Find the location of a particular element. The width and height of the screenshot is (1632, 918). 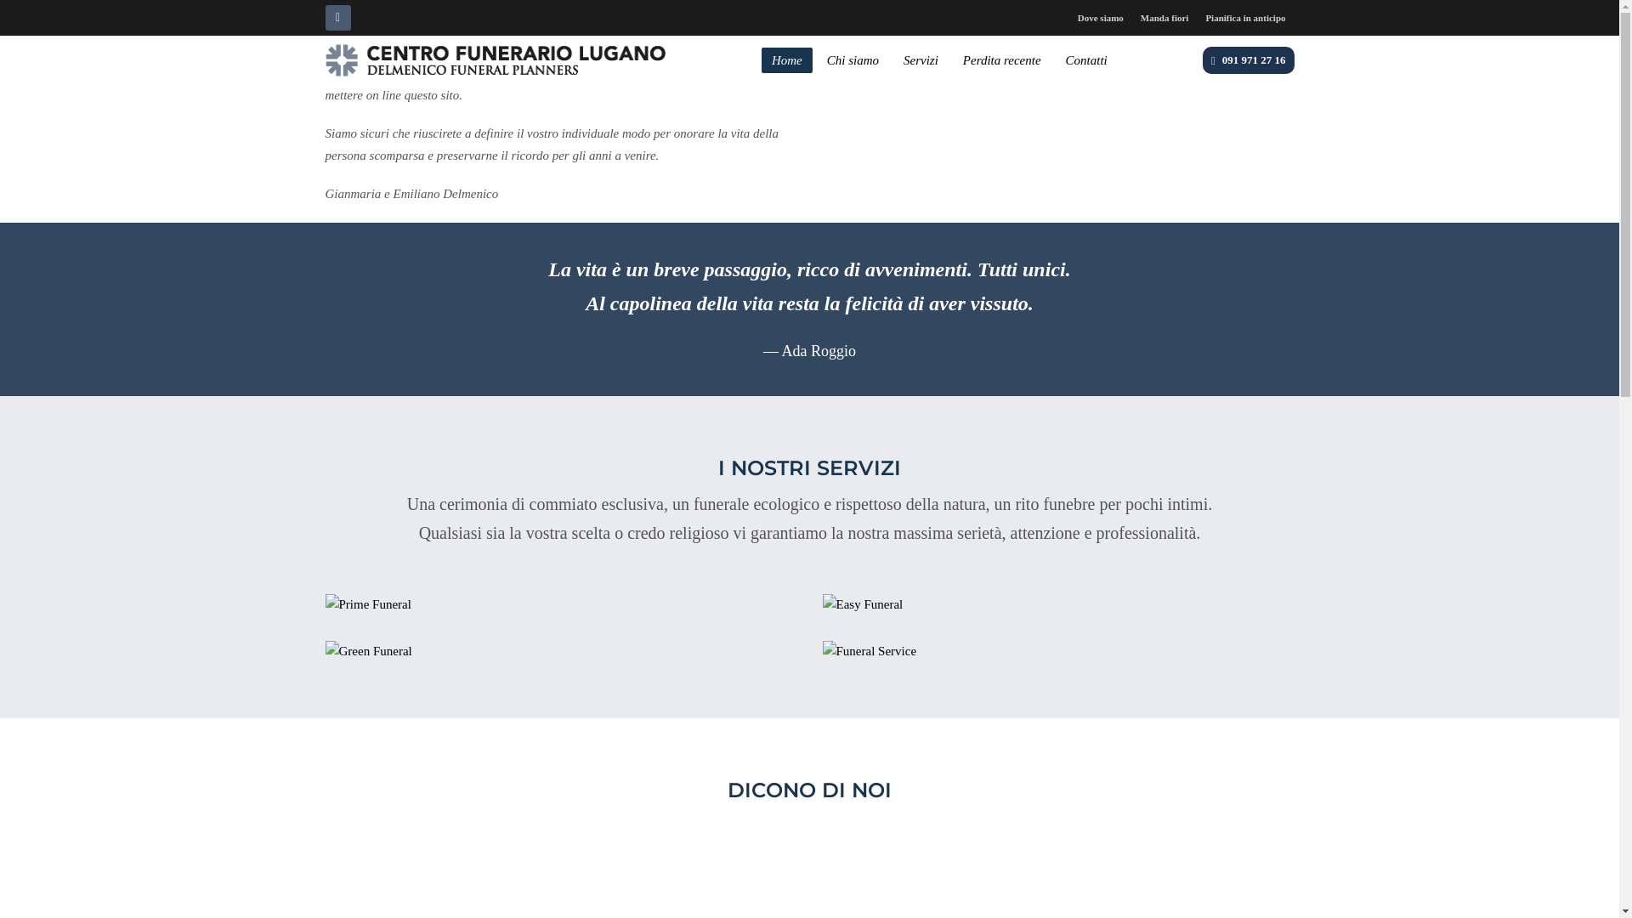

'Dove siamo' is located at coordinates (1101, 17).